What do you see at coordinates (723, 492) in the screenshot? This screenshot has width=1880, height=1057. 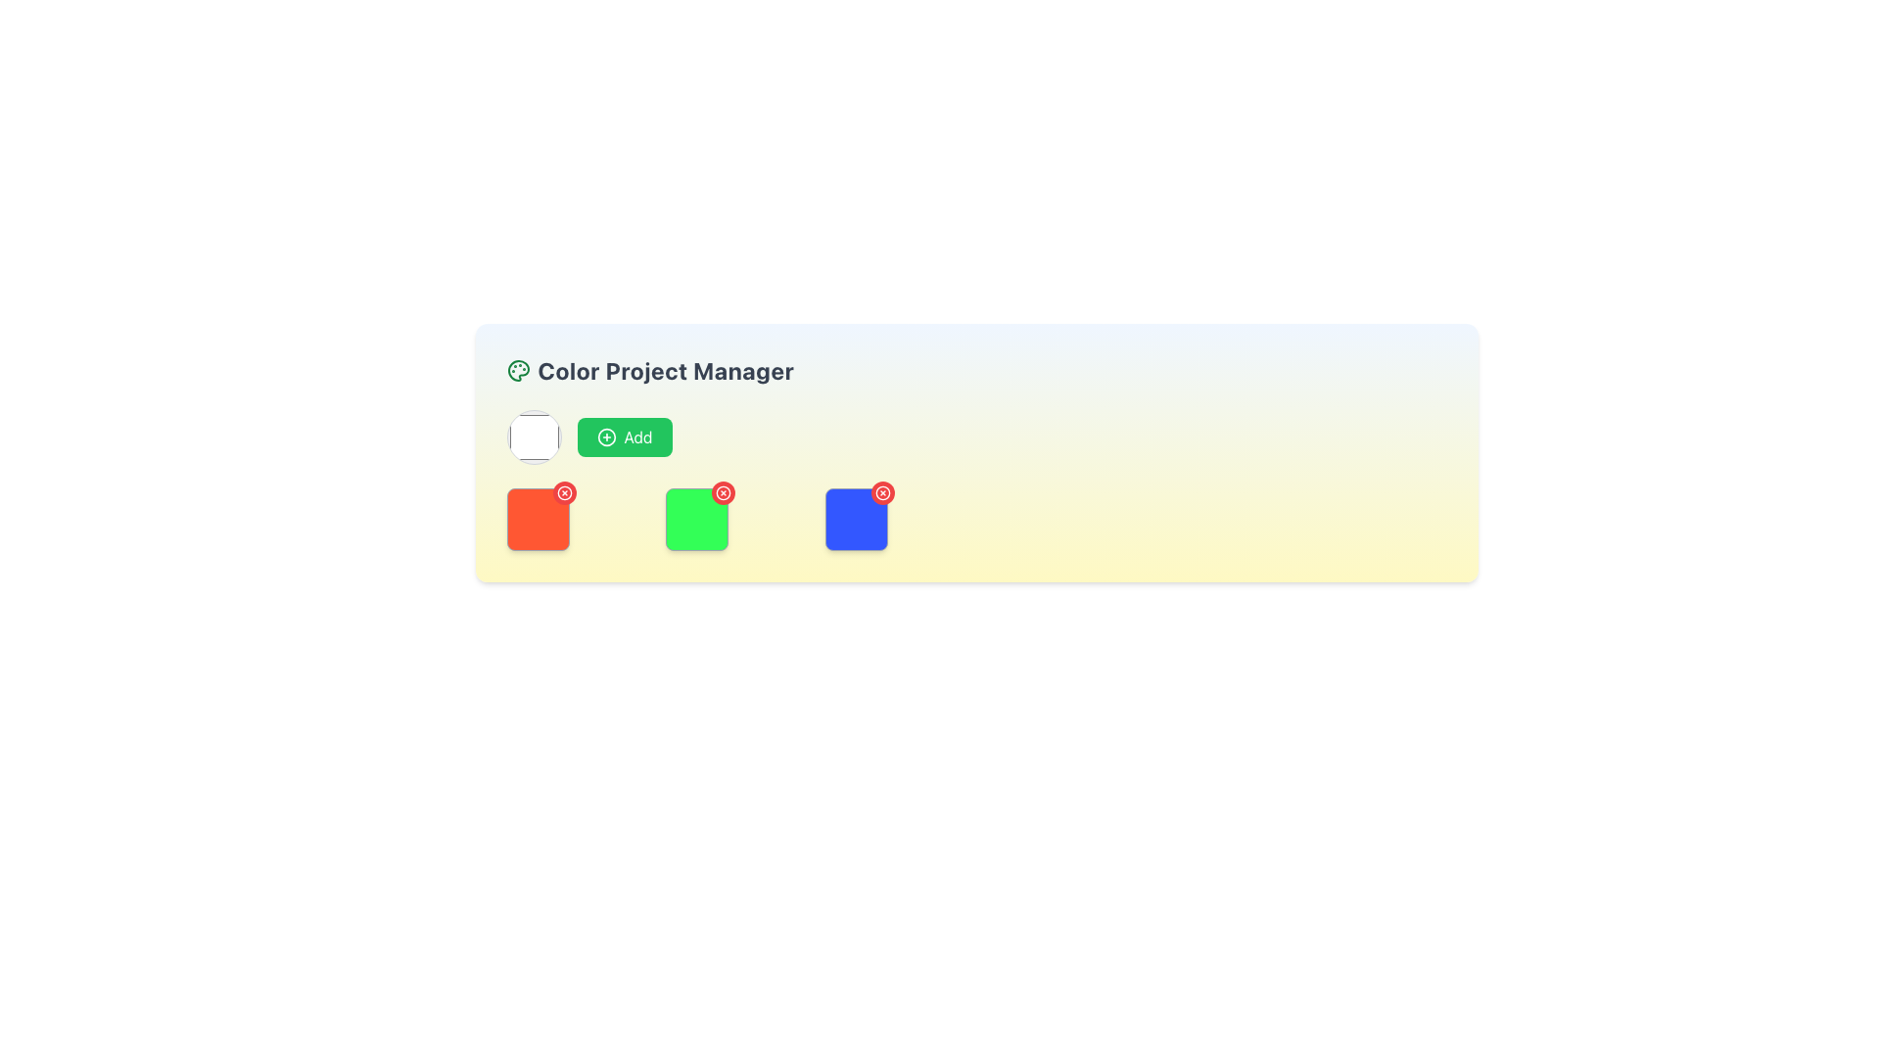 I see `the icon button with an 'X' symbol located in the top-right corner of the red square` at bounding box center [723, 492].